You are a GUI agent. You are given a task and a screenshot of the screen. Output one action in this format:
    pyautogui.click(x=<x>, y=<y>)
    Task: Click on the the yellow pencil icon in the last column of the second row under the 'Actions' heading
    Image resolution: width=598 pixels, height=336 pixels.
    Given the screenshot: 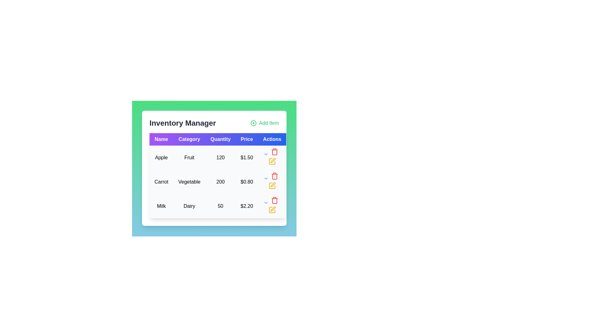 What is the action you would take?
    pyautogui.click(x=272, y=182)
    